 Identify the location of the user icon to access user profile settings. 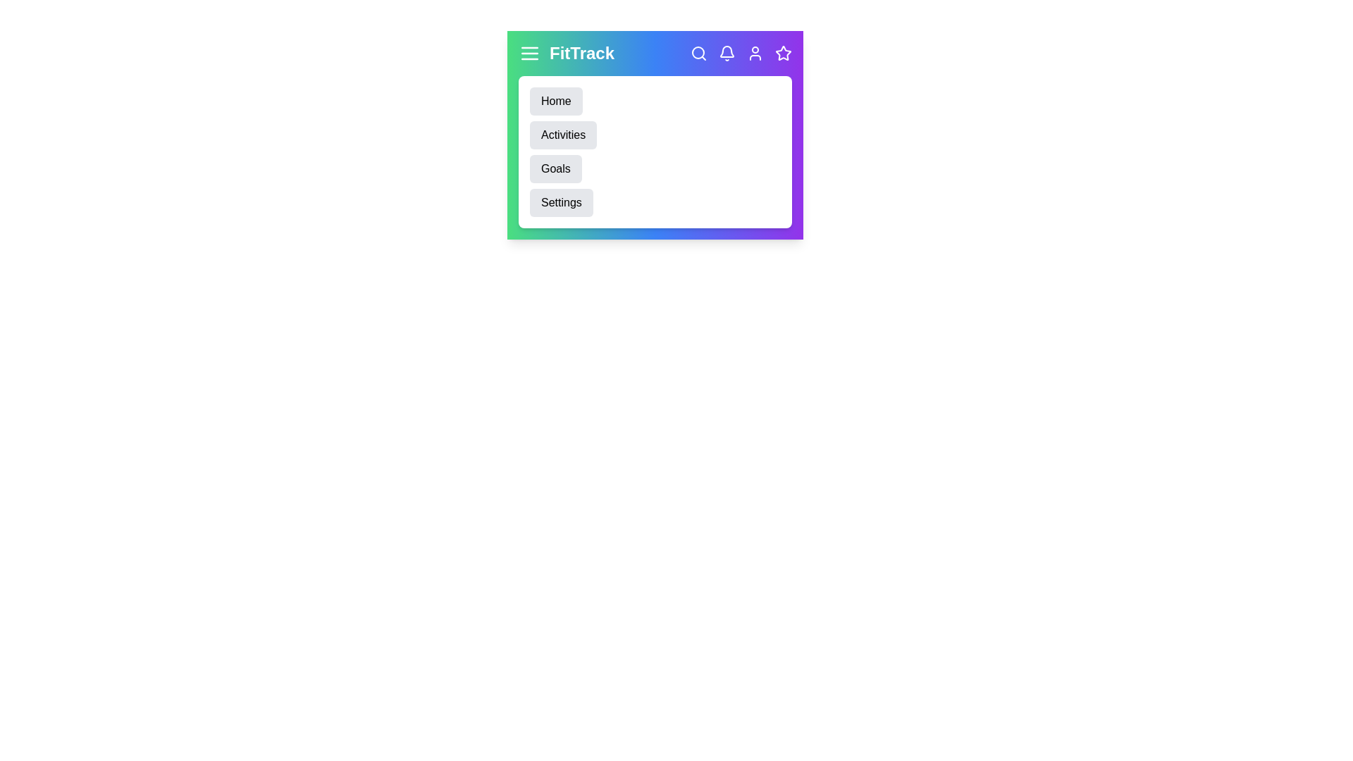
(754, 53).